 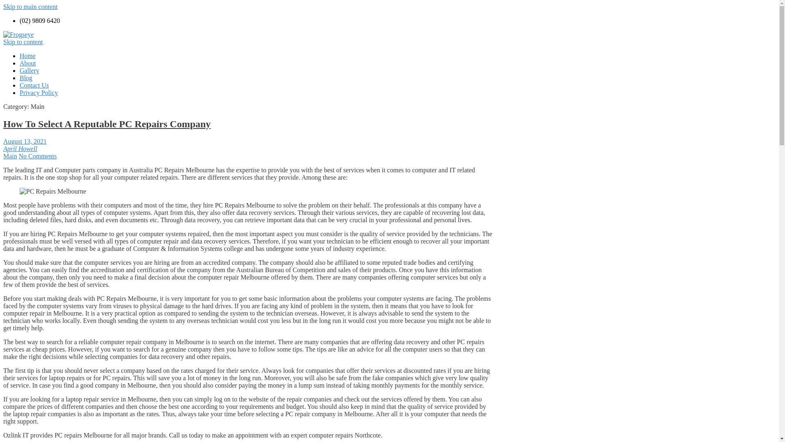 I want to click on 'Contact Us', so click(x=34, y=85).